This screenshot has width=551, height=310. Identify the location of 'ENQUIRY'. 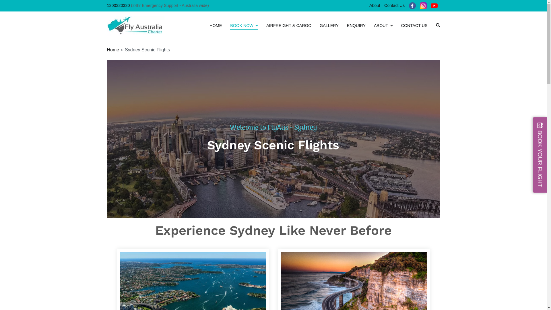
(356, 25).